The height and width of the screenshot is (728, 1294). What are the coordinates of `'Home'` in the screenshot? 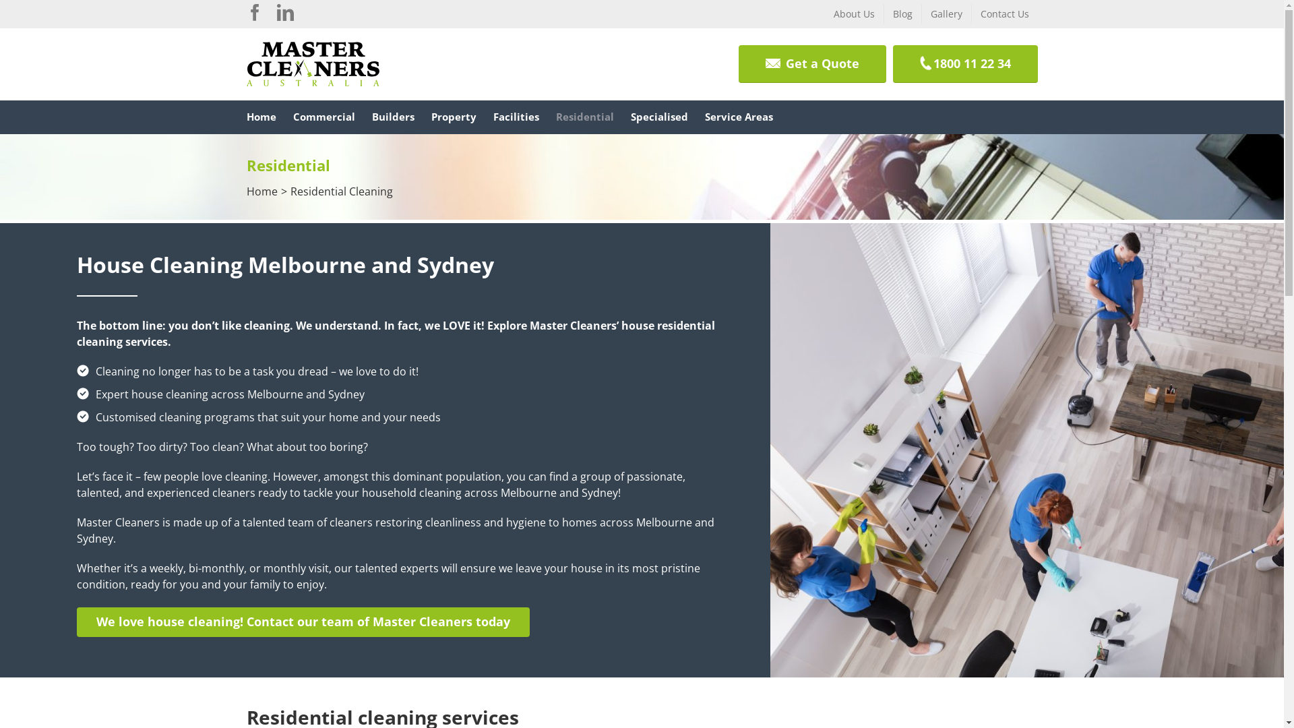 It's located at (246, 191).